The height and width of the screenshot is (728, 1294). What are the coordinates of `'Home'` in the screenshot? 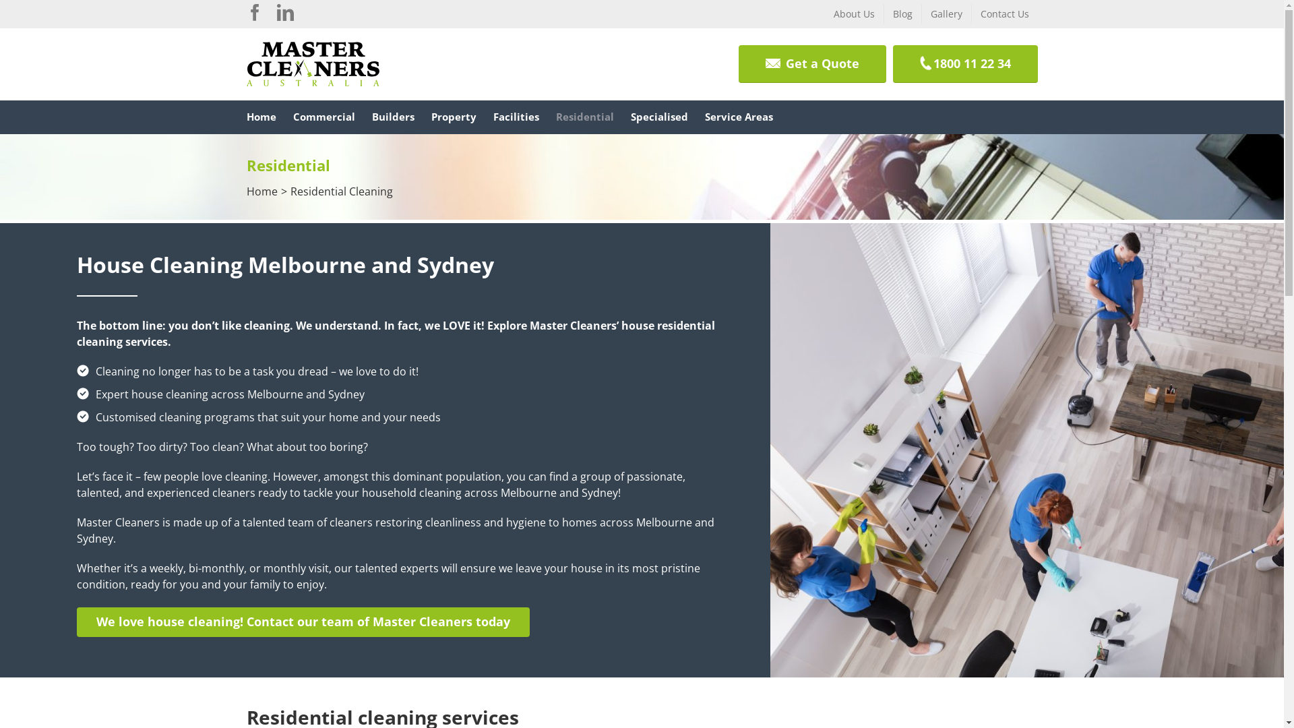 It's located at (246, 191).